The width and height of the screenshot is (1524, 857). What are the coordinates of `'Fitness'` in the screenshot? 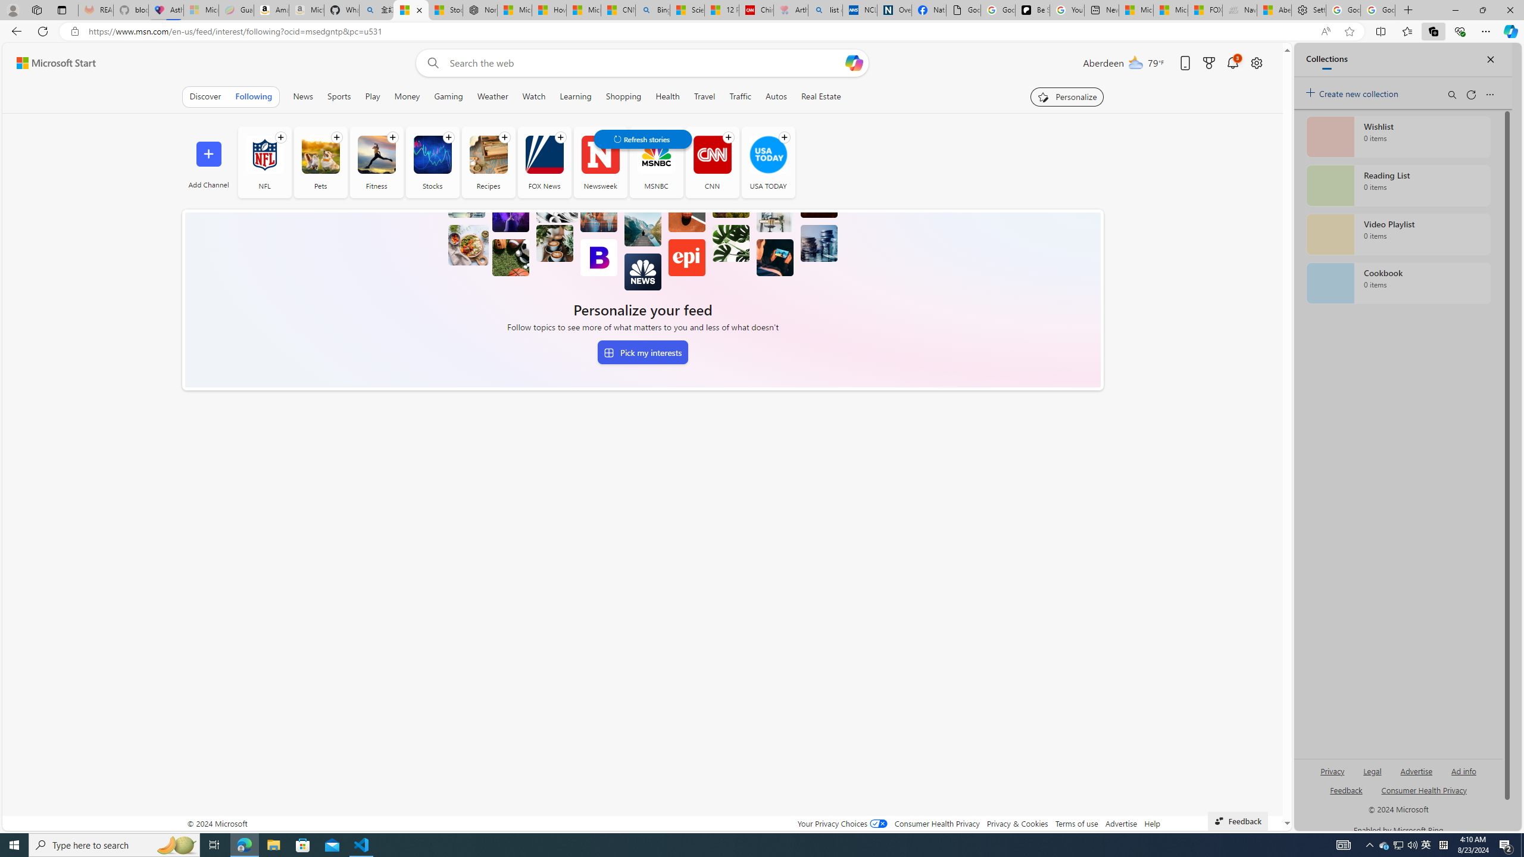 It's located at (376, 154).